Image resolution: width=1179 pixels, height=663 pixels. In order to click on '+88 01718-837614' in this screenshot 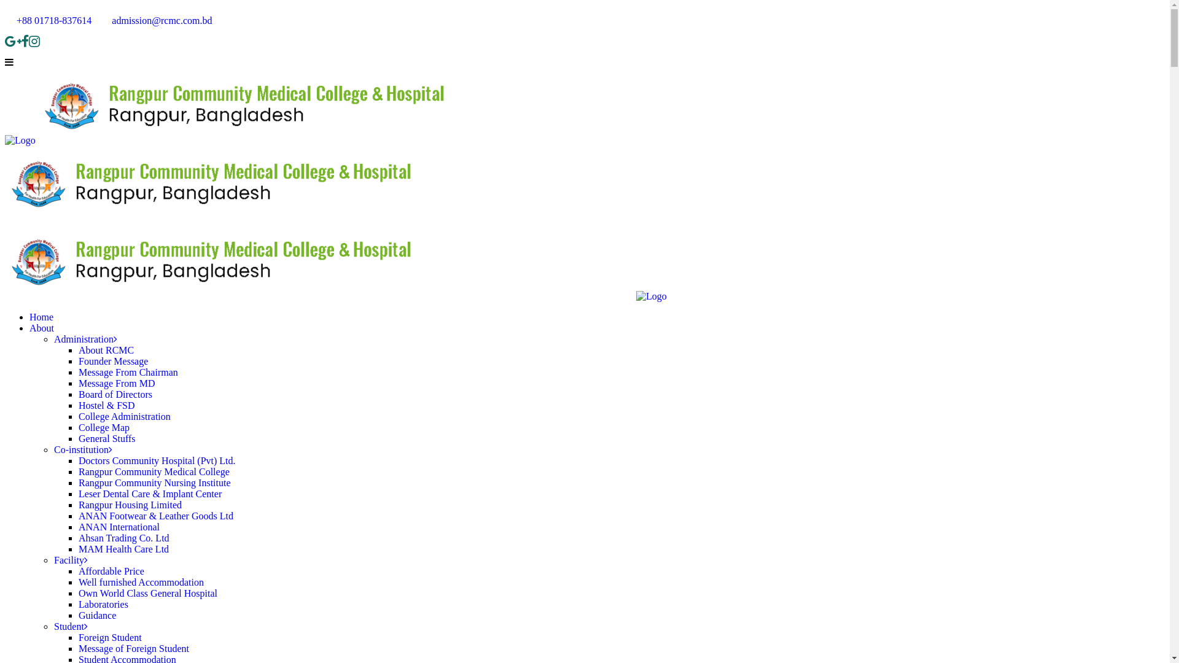, I will do `click(49, 20)`.